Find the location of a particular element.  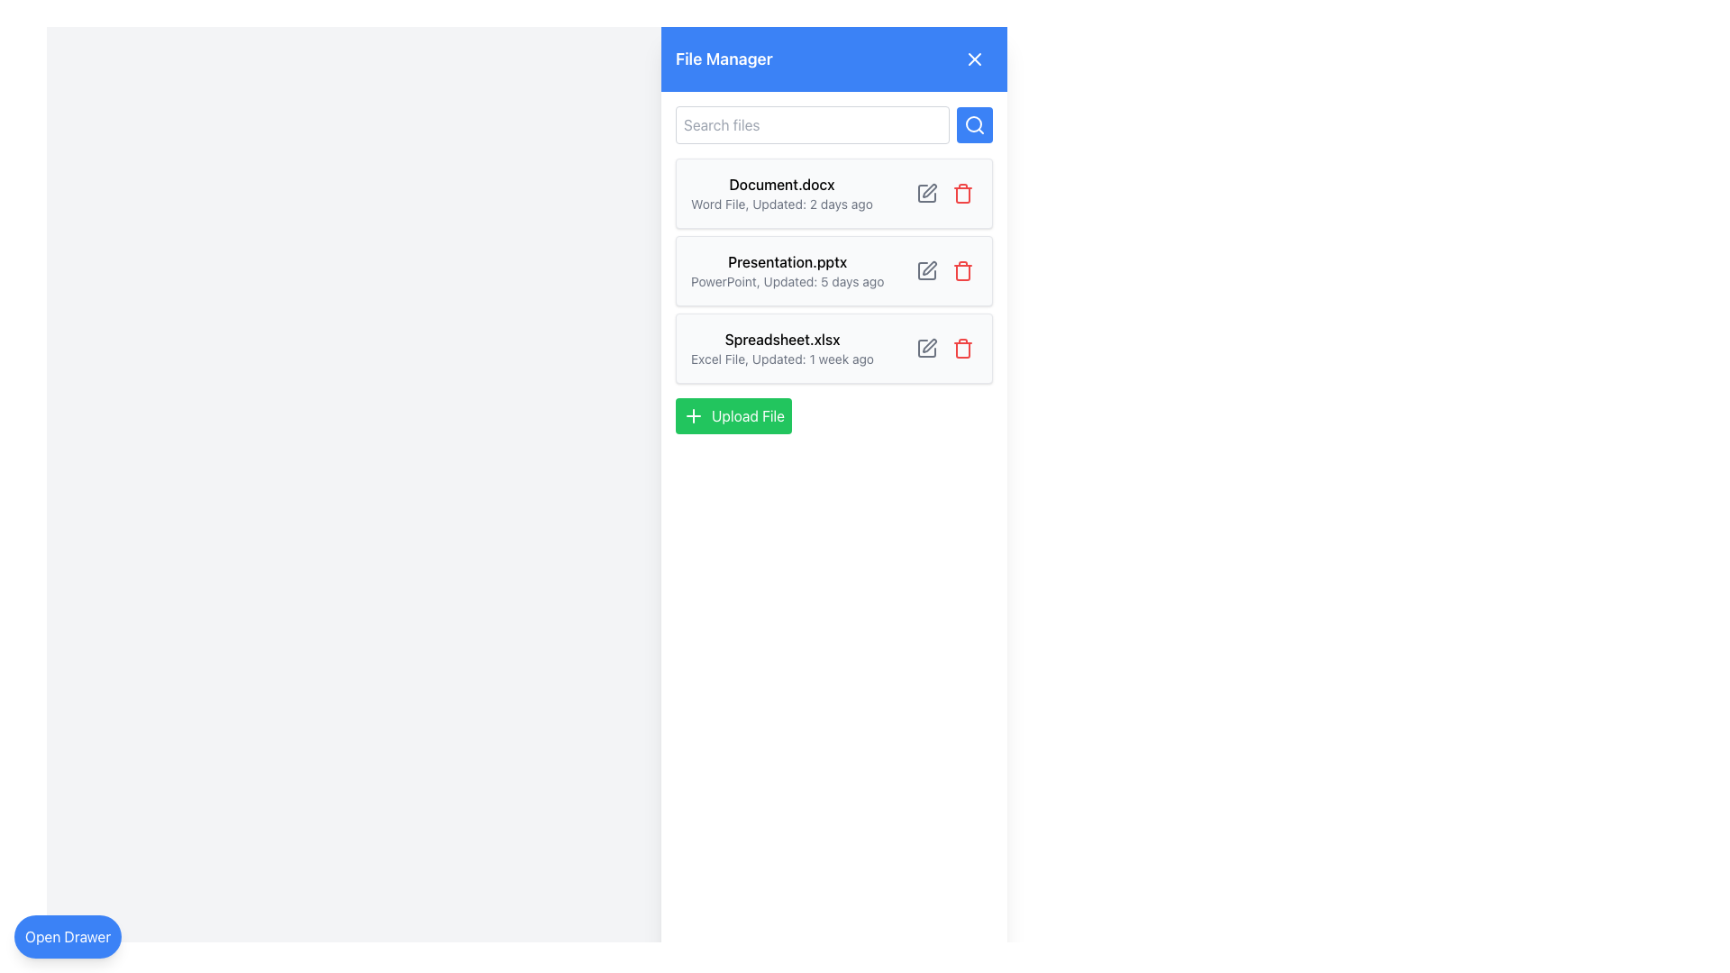

the text label displaying 'Presentation.pptx' in the File Manager interface, which is the second entry in a vertical list of files is located at coordinates (788, 270).